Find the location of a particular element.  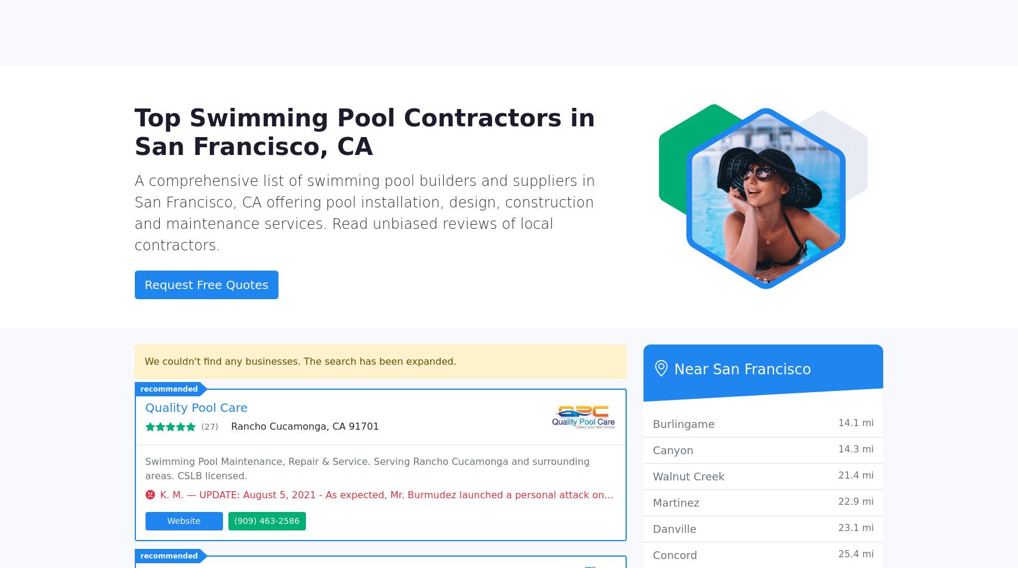

'Swimming Pool Clean' is located at coordinates (709, 128).